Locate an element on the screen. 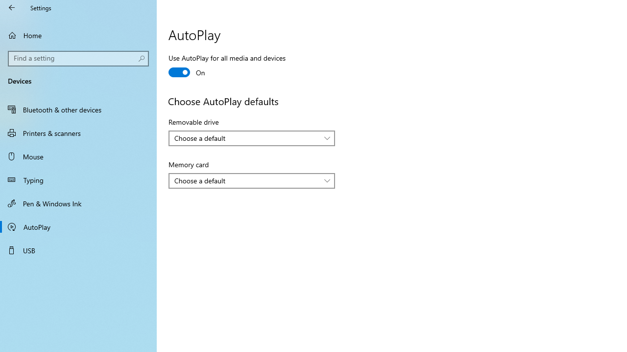  'Printers & scanners' is located at coordinates (78, 132).